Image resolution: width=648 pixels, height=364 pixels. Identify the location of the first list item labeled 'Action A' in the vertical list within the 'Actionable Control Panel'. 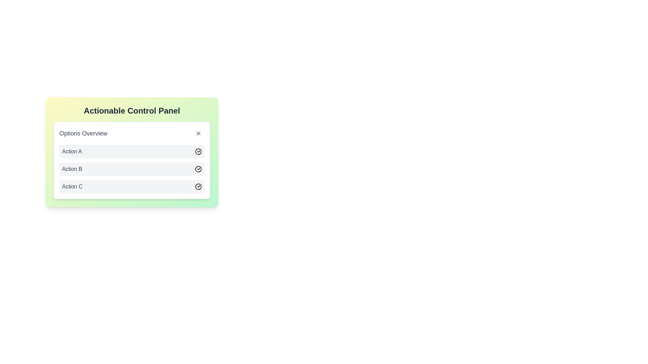
(132, 152).